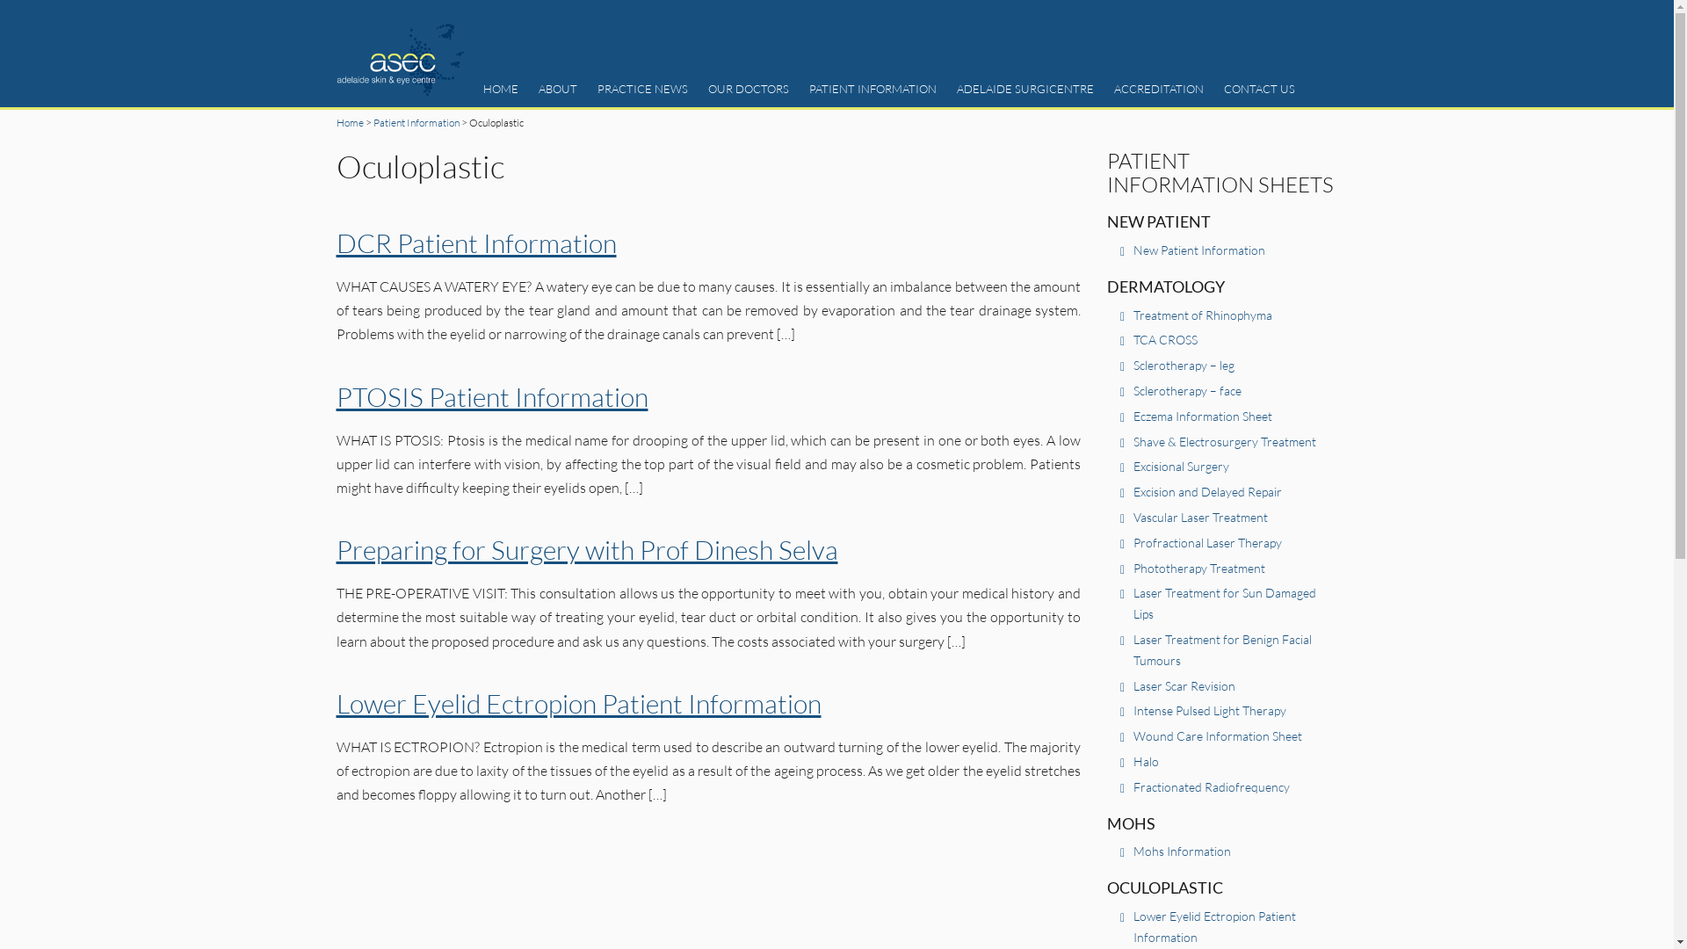 The image size is (1687, 949). I want to click on 'Mohs Information', so click(1182, 850).